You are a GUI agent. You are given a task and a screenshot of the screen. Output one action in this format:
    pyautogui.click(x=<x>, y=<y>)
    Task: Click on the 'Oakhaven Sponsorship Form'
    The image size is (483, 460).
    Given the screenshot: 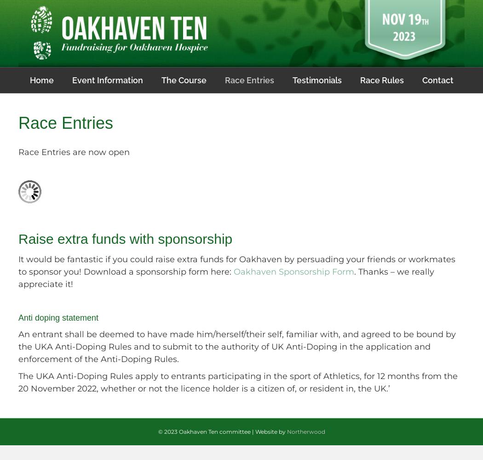 What is the action you would take?
    pyautogui.click(x=293, y=271)
    